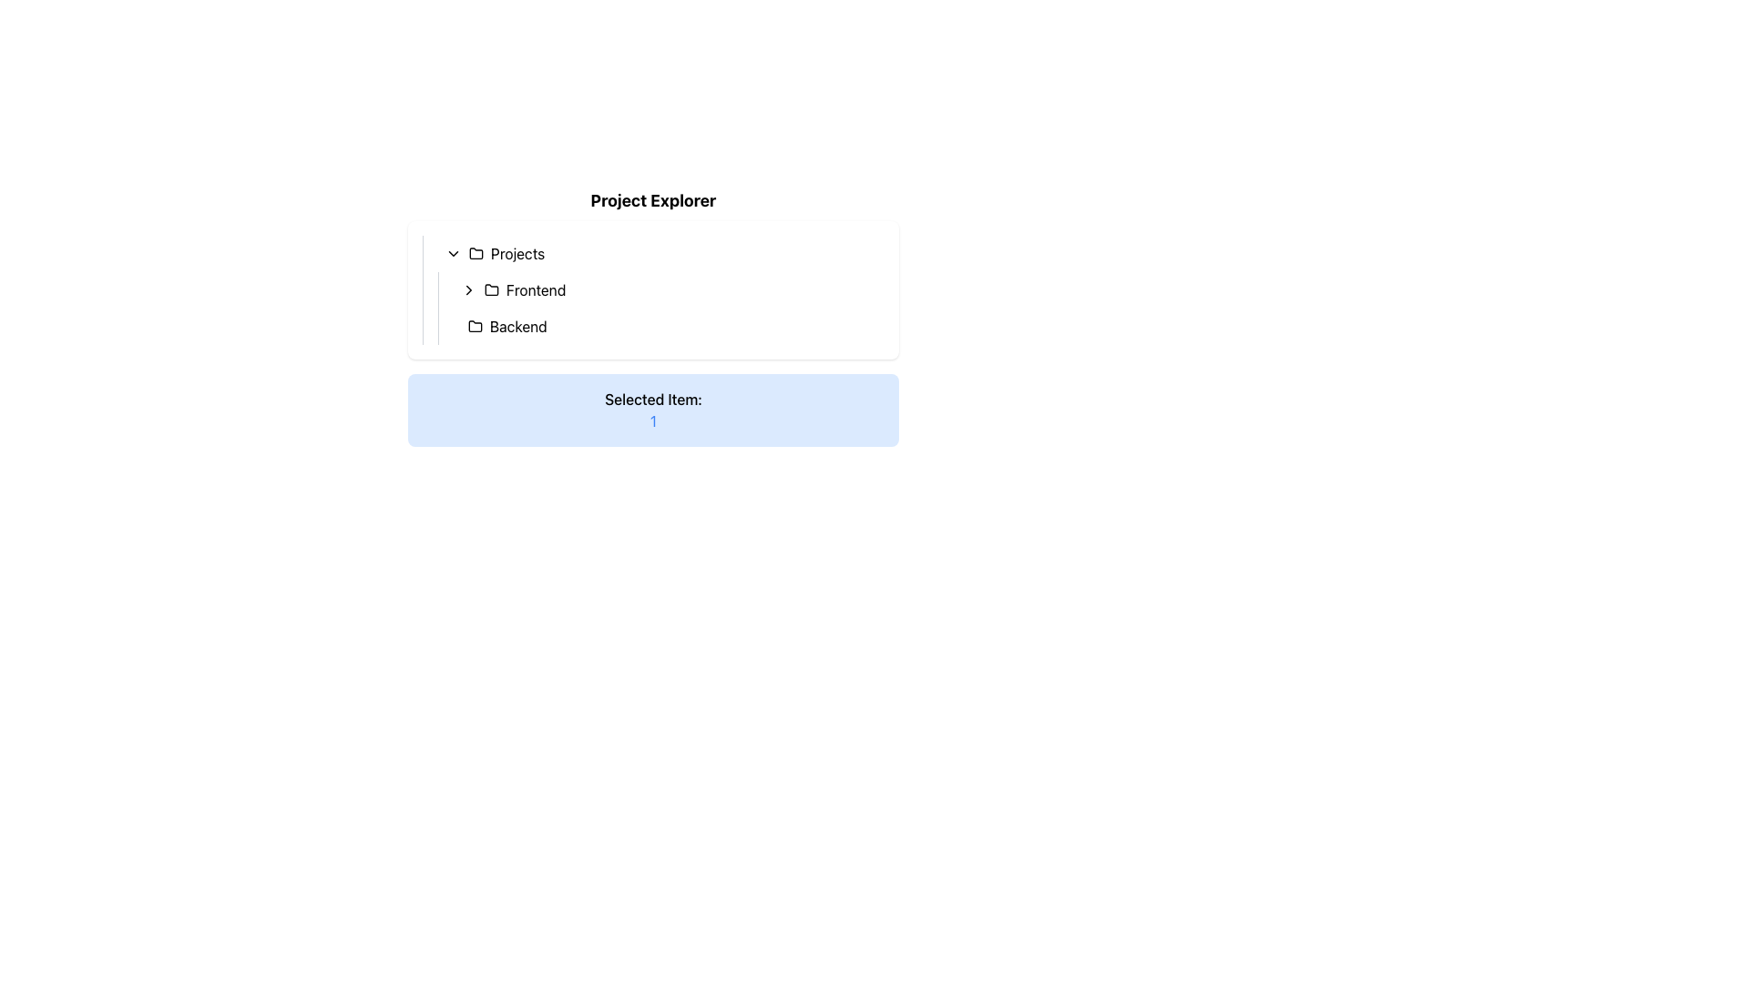 Image resolution: width=1749 pixels, height=983 pixels. I want to click on the 'Frontend' text label in the project navigator menu, so click(535, 289).